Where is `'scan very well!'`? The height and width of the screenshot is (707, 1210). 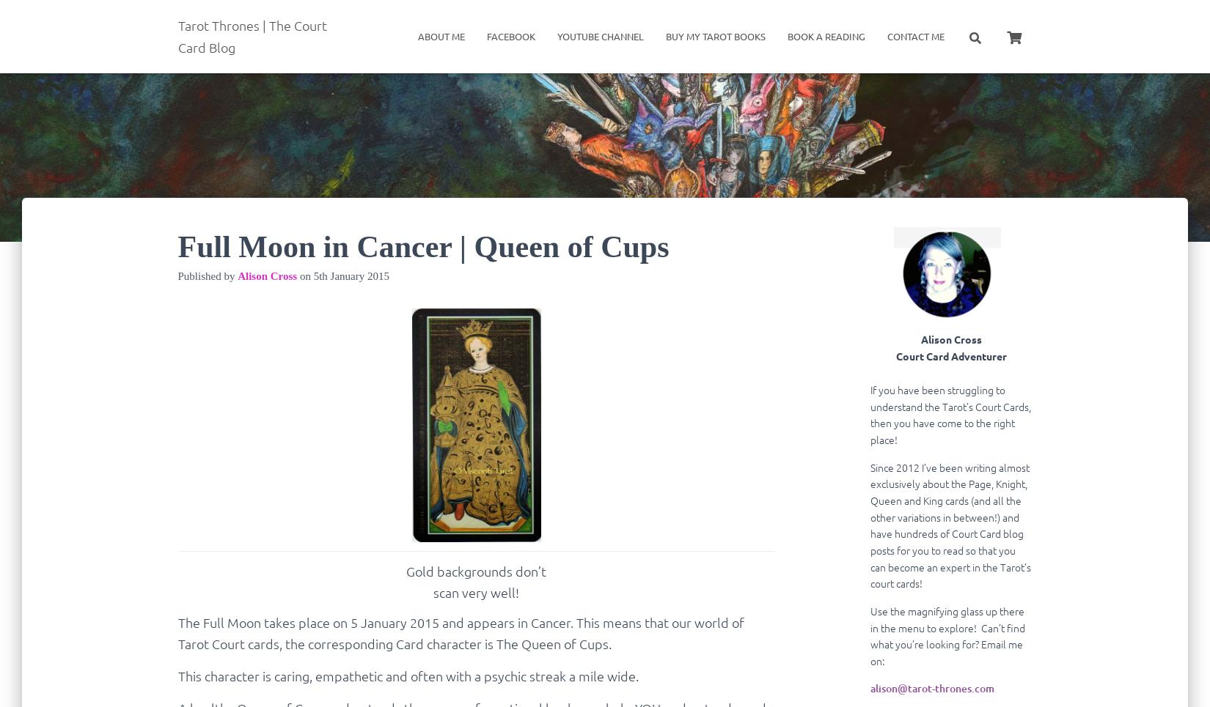 'scan very well!' is located at coordinates (433, 591).